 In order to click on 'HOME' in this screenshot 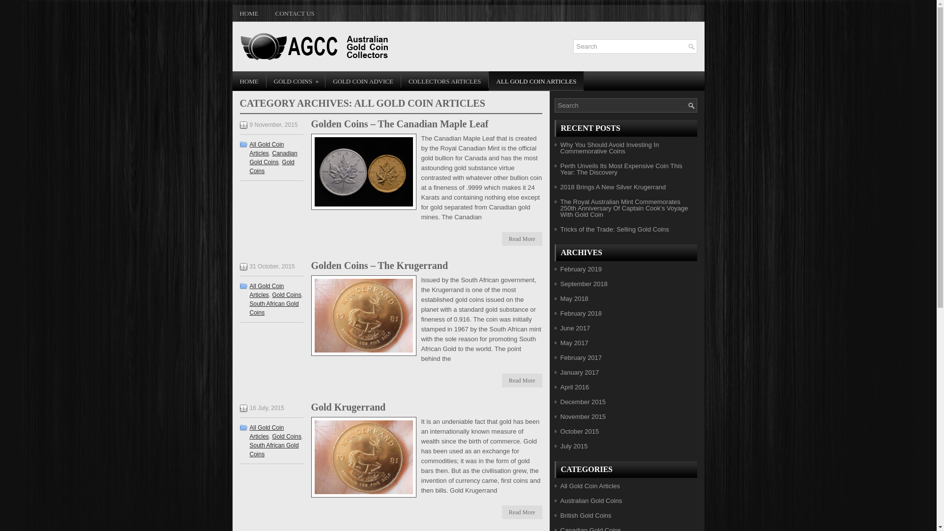, I will do `click(248, 13)`.